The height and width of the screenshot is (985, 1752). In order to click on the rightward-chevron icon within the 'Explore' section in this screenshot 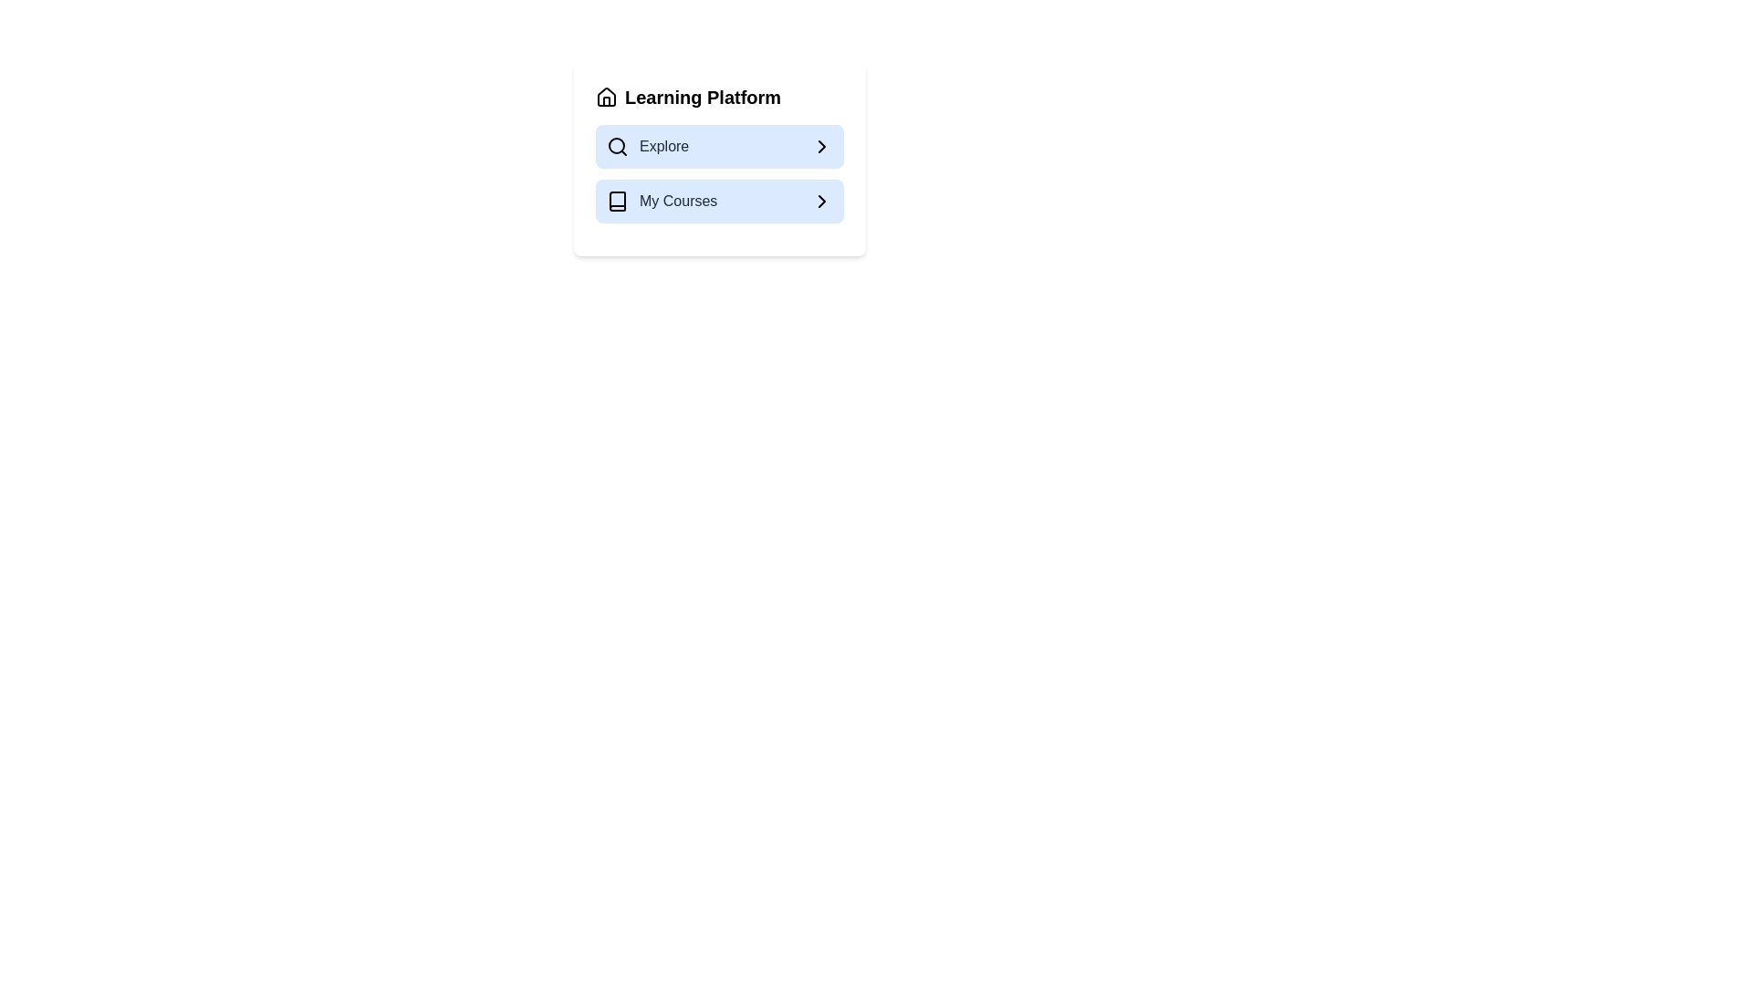, I will do `click(821, 146)`.